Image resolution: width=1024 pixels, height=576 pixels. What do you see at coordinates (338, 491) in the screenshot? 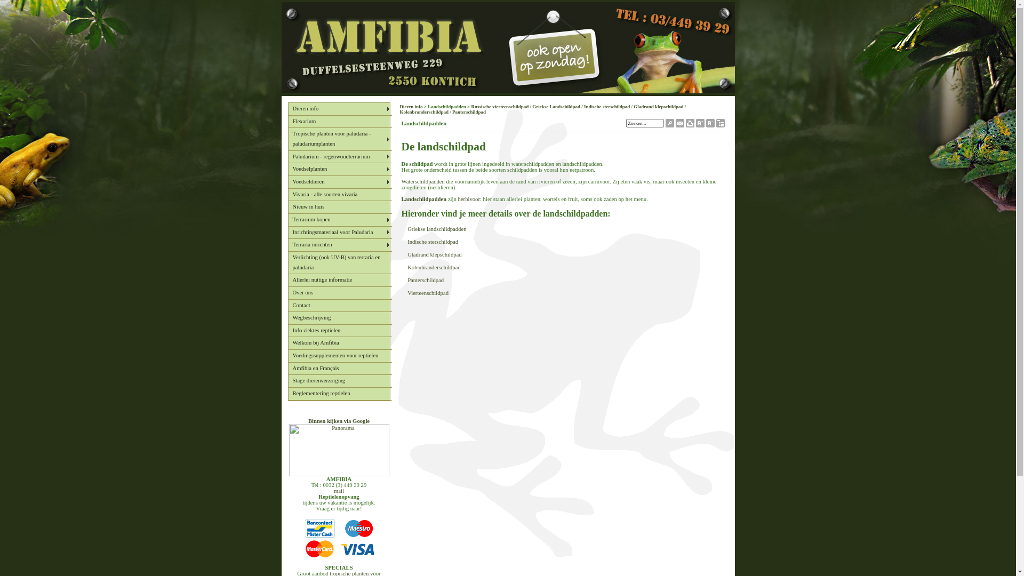
I see `'mail'` at bounding box center [338, 491].